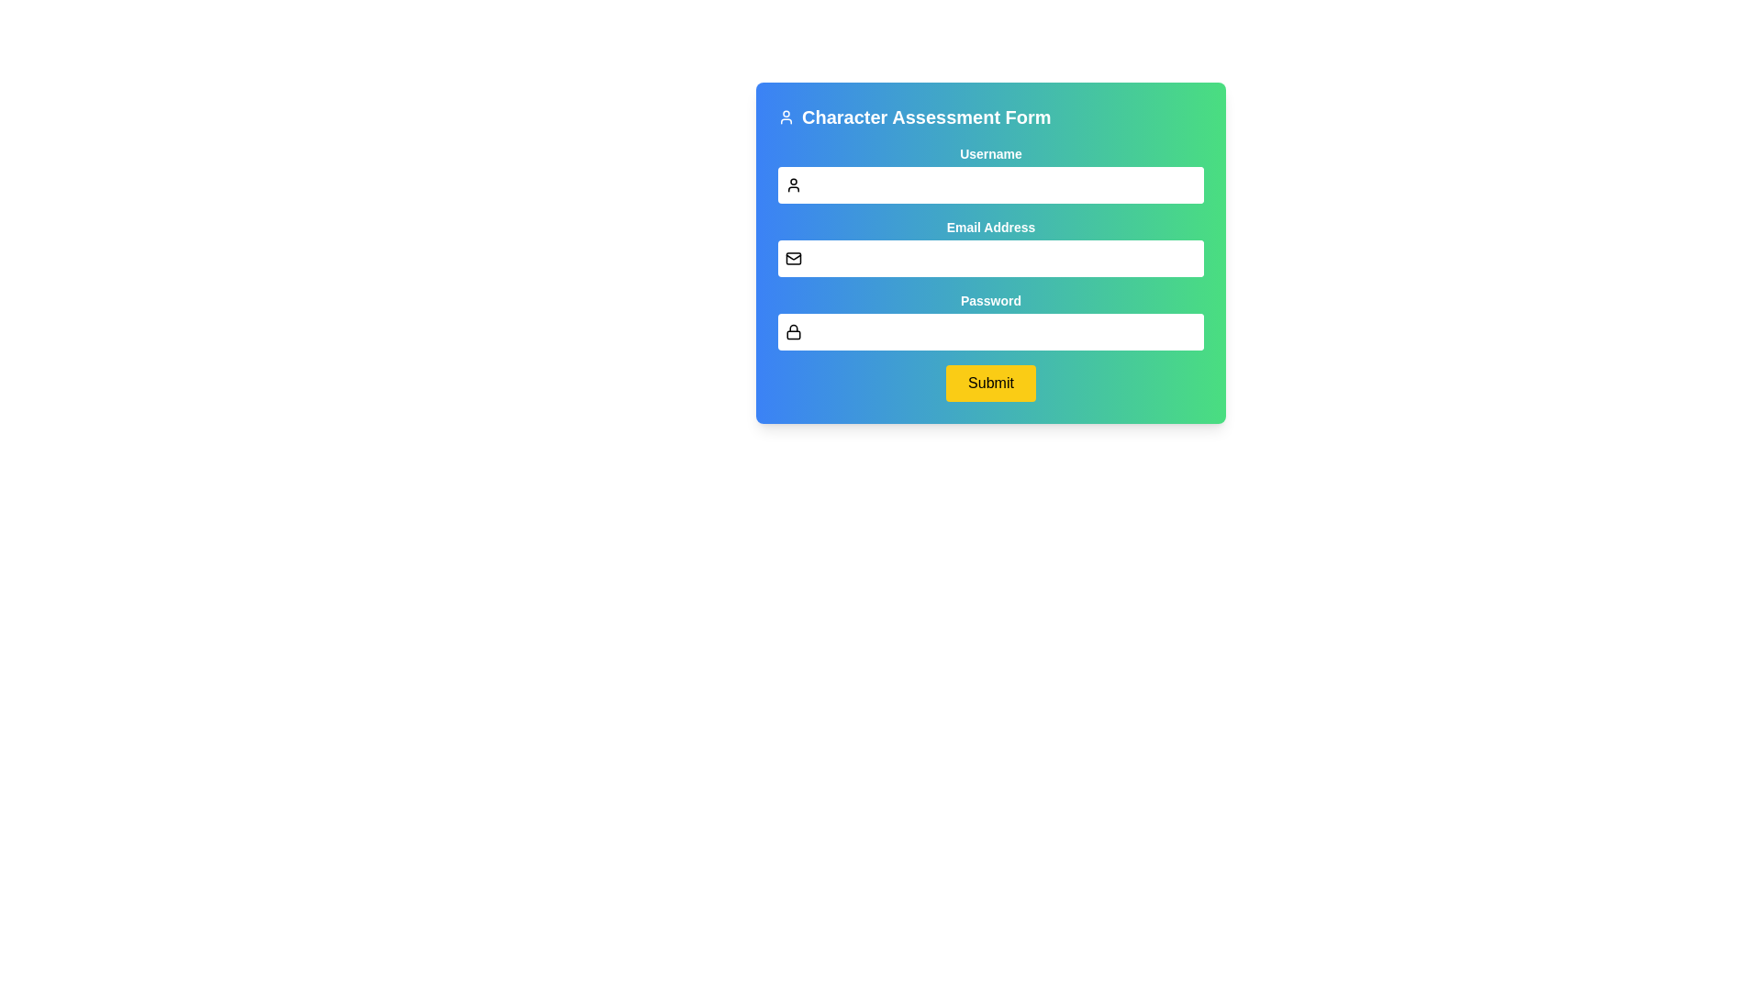 The width and height of the screenshot is (1762, 991). I want to click on the user icon represented as an SVG graphic, which is located to the left of the heading text 'Character Assessment Form', so click(786, 117).